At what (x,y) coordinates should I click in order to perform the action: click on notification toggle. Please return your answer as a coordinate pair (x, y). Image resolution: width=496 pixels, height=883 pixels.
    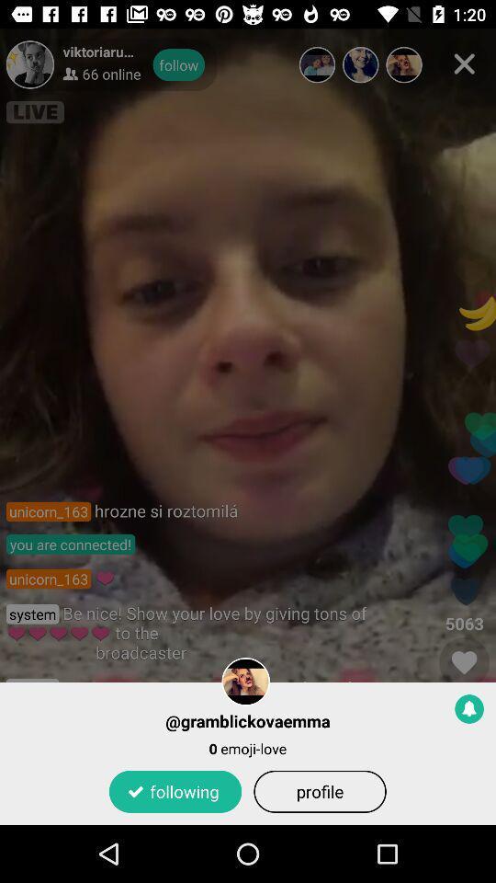
    Looking at the image, I should click on (469, 707).